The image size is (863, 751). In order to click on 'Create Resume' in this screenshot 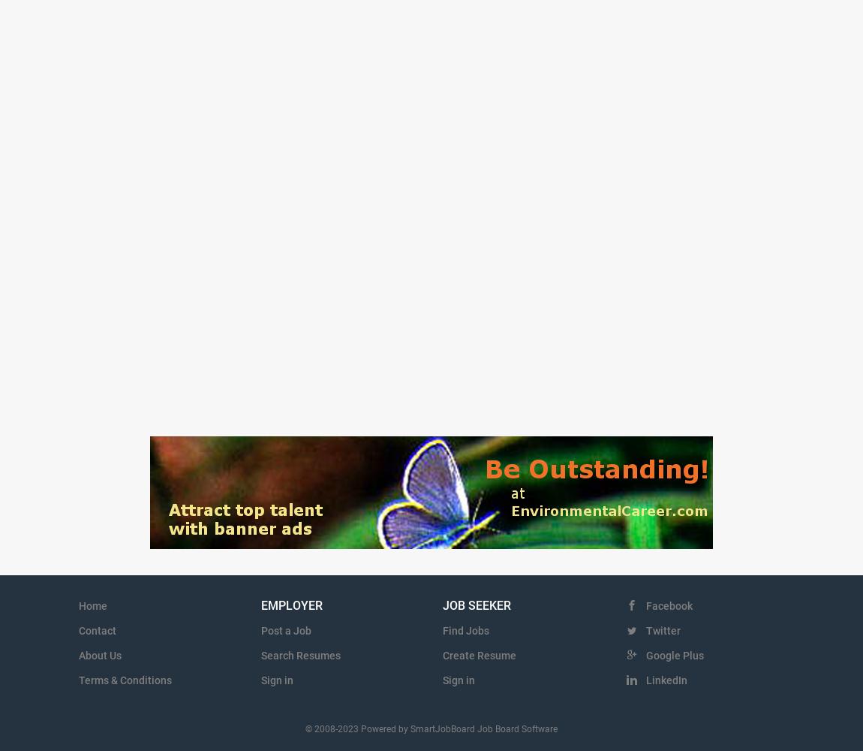, I will do `click(479, 655)`.